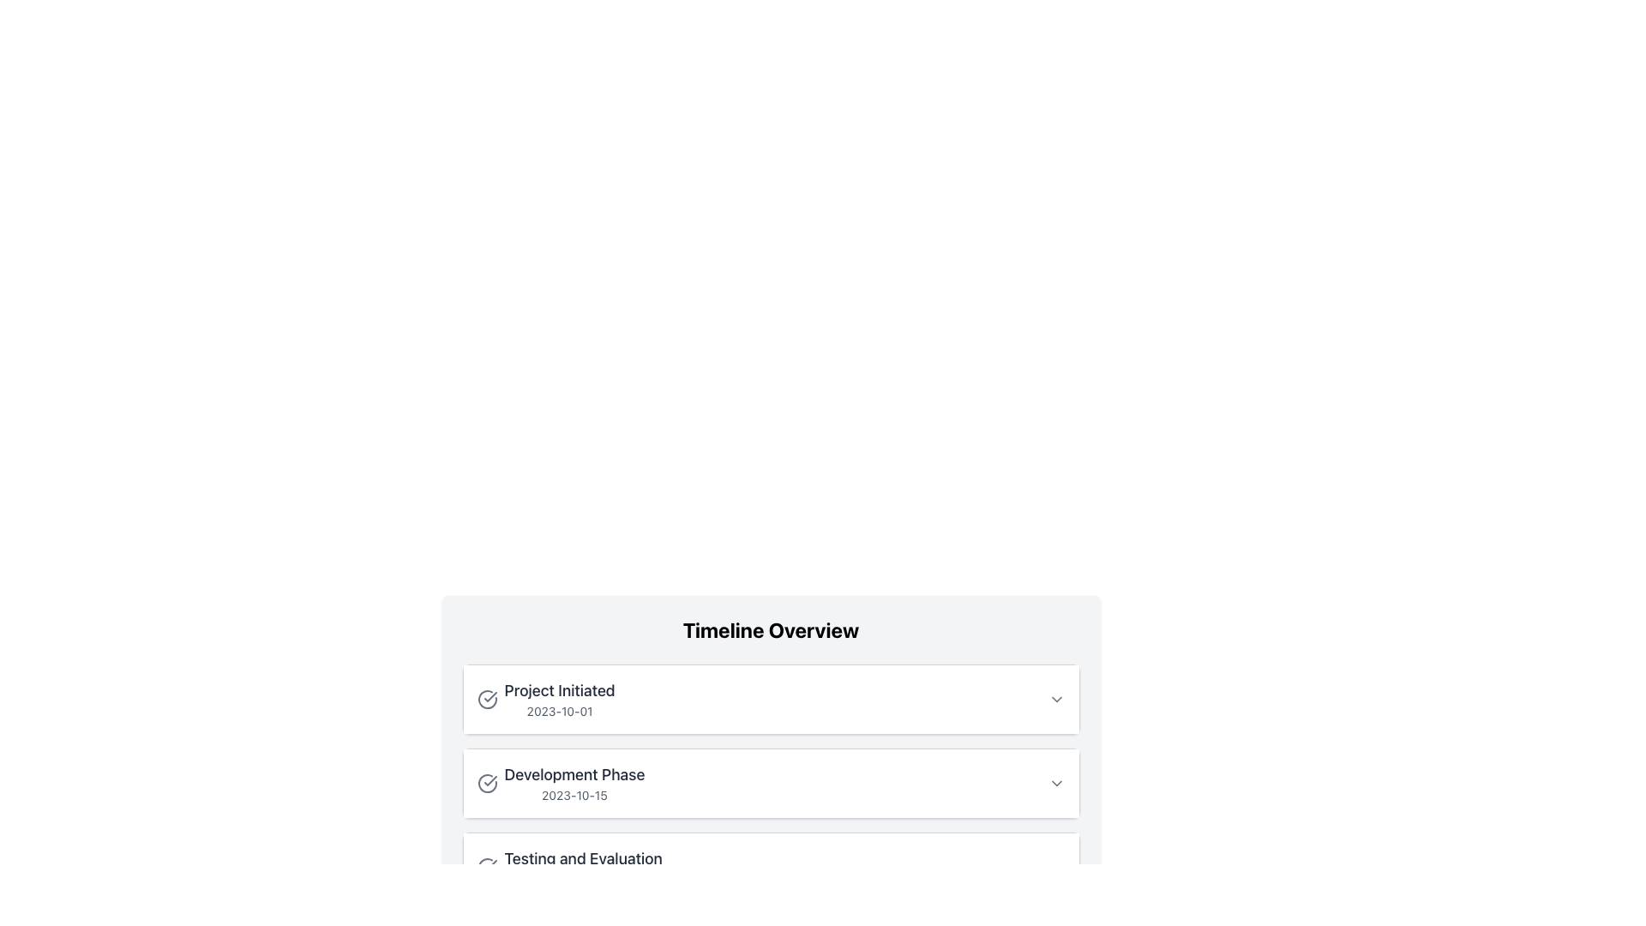  I want to click on the downward-facing chevron icon located at the far-right end of the 'Development Phase' row in the 'Timeline Overview' section, so click(1055, 784).